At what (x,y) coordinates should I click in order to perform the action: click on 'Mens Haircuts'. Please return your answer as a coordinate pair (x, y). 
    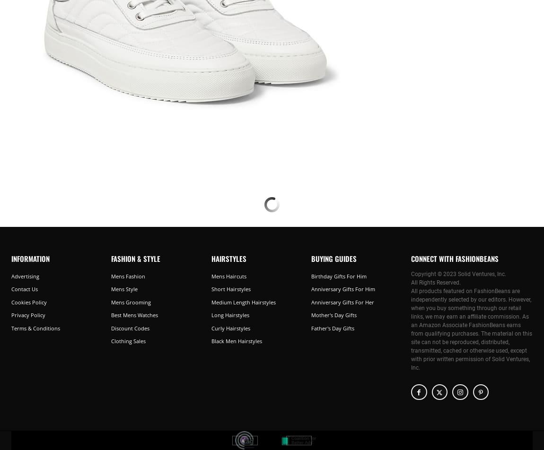
    Looking at the image, I should click on (228, 276).